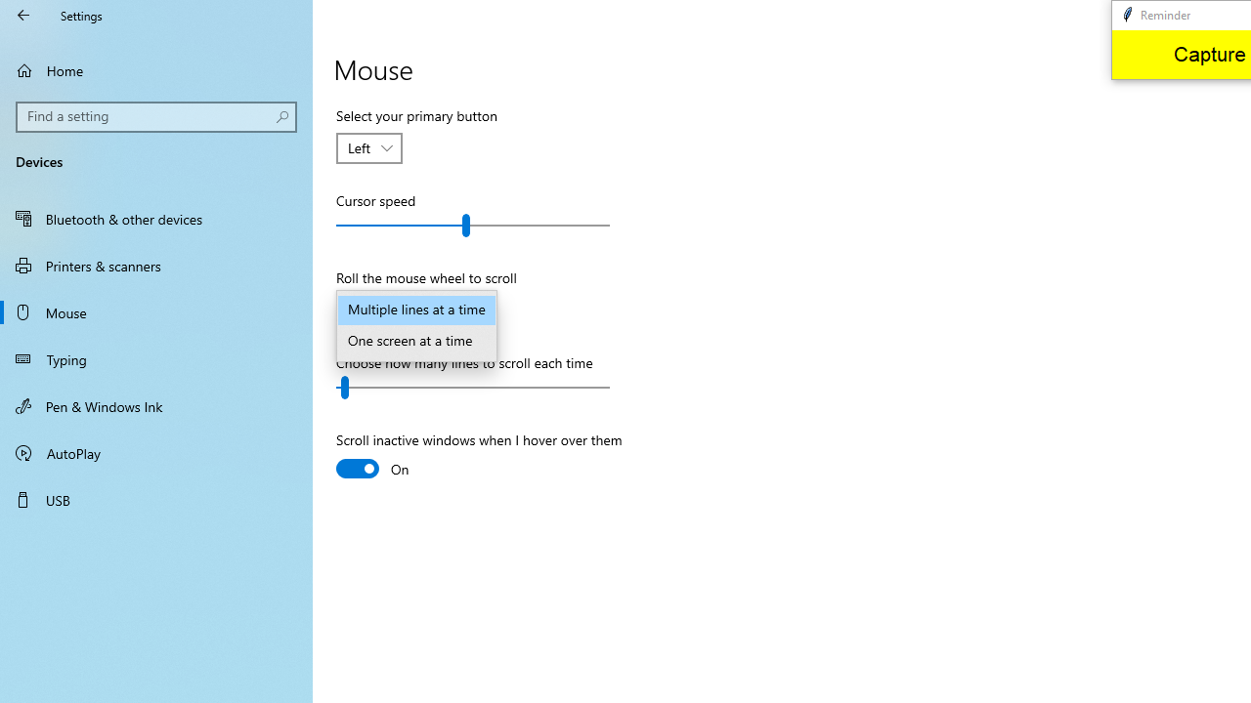  Describe the element at coordinates (156, 498) in the screenshot. I see `'USB'` at that location.